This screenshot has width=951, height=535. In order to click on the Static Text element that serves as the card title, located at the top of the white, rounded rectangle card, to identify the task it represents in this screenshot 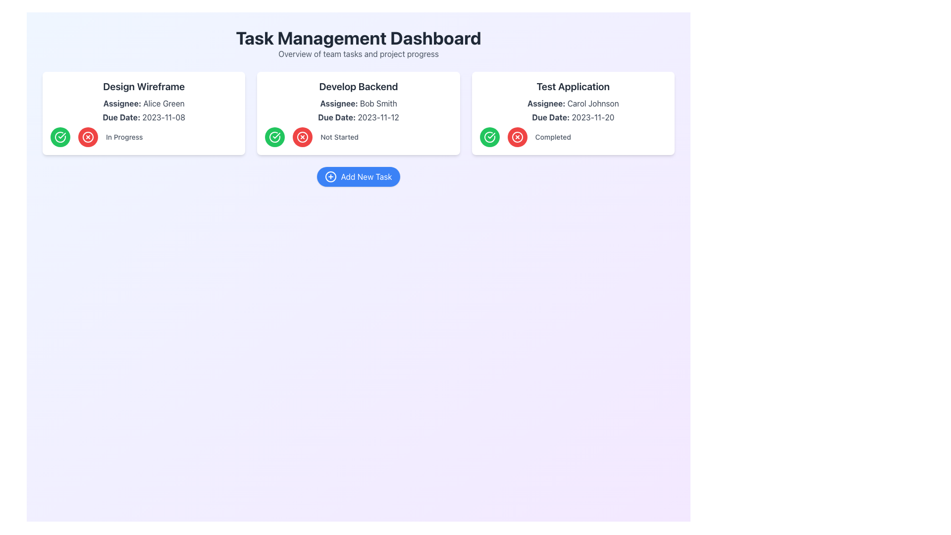, I will do `click(143, 86)`.